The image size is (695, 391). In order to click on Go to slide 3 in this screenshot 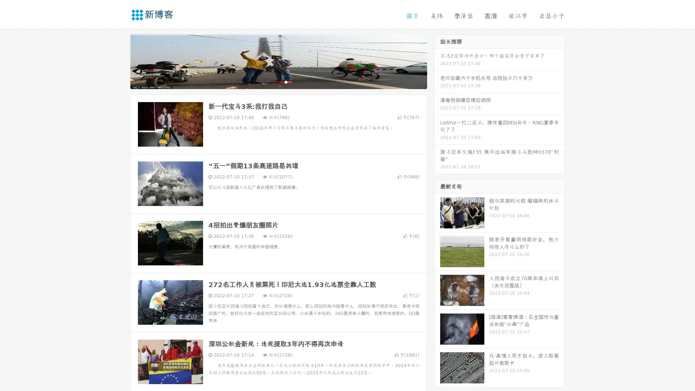, I will do `click(286, 81)`.